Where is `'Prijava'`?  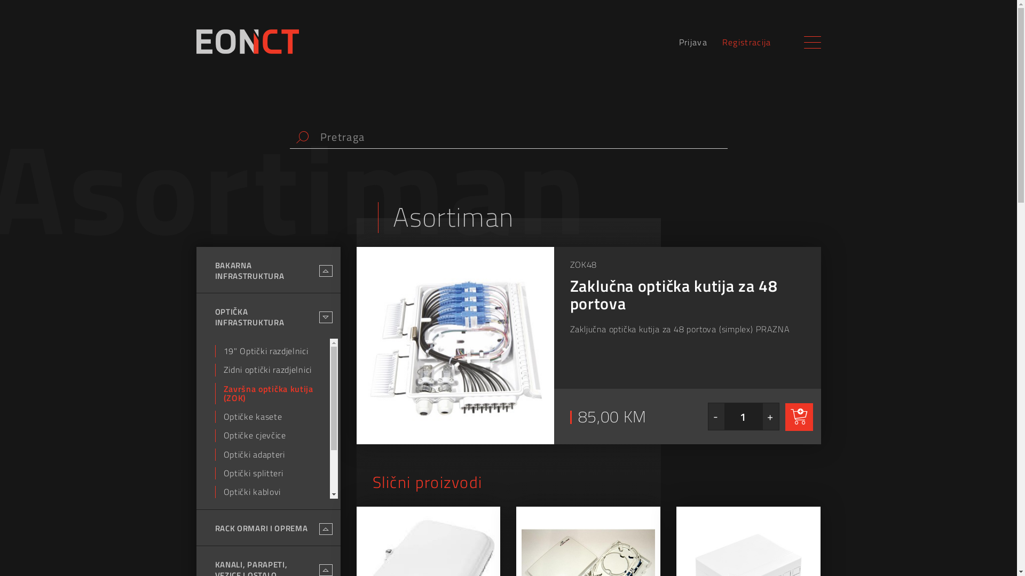 'Prijava' is located at coordinates (679, 42).